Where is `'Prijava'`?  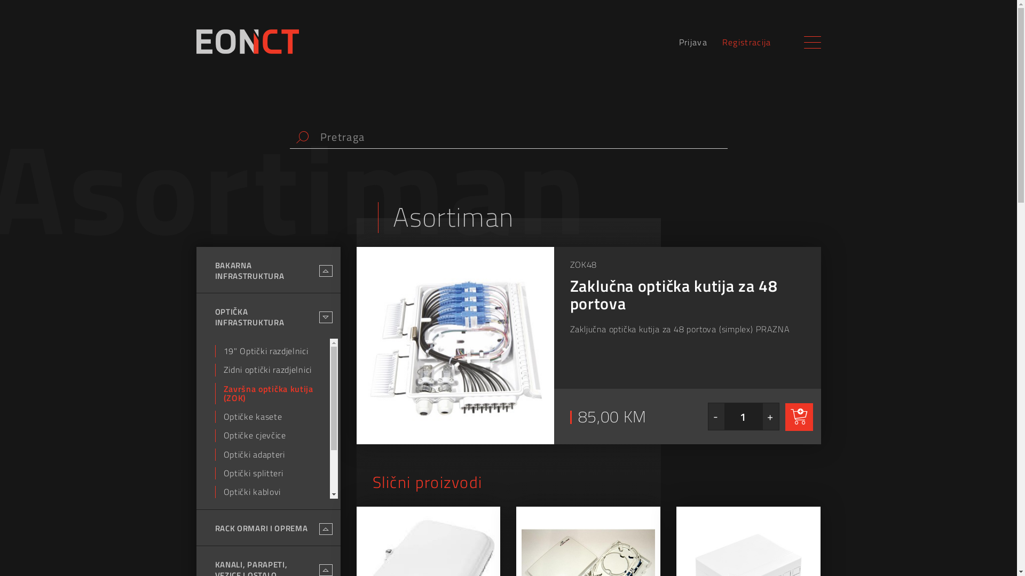 'Prijava' is located at coordinates (679, 42).